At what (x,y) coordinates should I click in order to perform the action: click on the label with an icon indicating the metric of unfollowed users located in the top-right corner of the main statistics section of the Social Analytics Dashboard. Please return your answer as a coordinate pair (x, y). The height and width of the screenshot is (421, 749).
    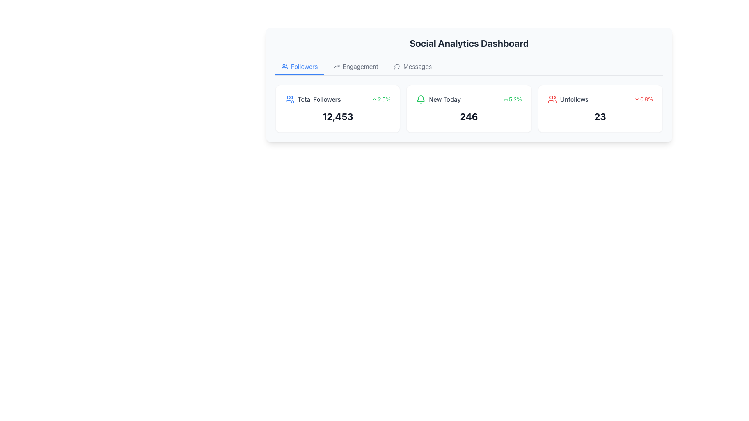
    Looking at the image, I should click on (568, 99).